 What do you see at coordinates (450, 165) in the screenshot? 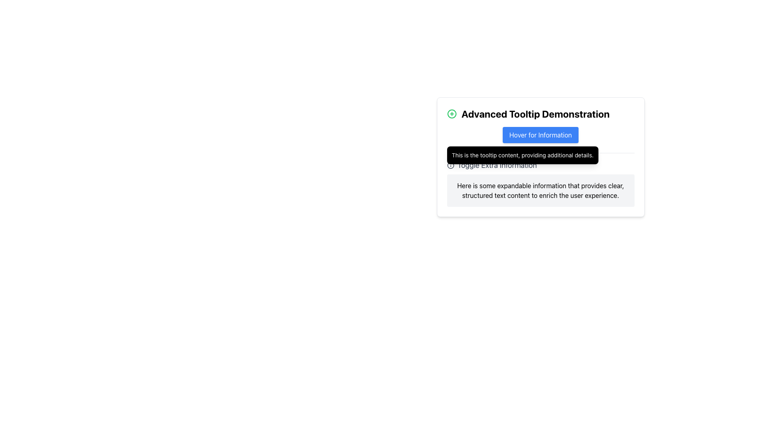
I see `the circular icon with a stylized 'i' that is positioned to the left of the text 'Toggle Extra Information' to interact` at bounding box center [450, 165].